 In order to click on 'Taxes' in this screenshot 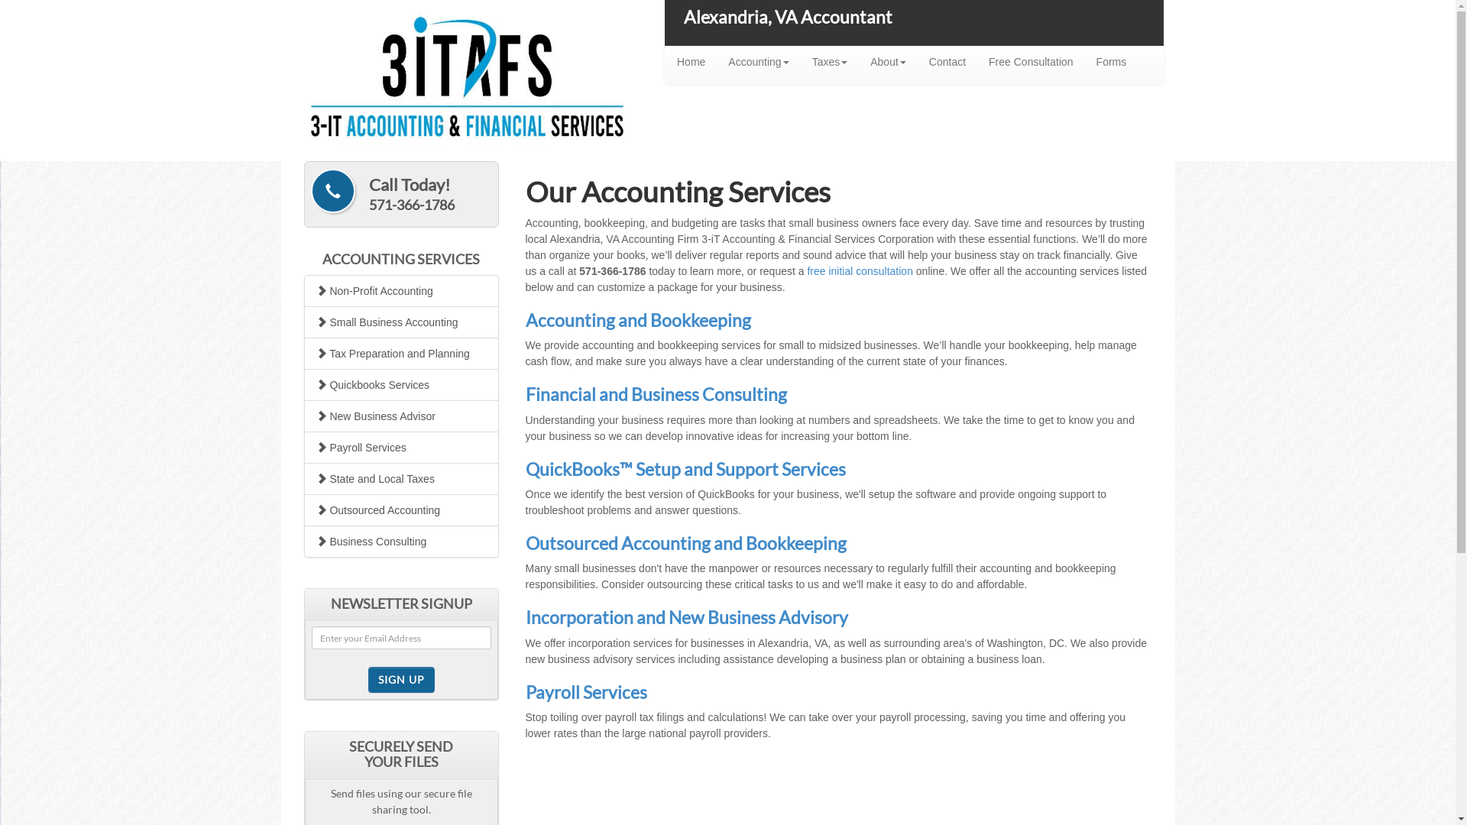, I will do `click(829, 61)`.